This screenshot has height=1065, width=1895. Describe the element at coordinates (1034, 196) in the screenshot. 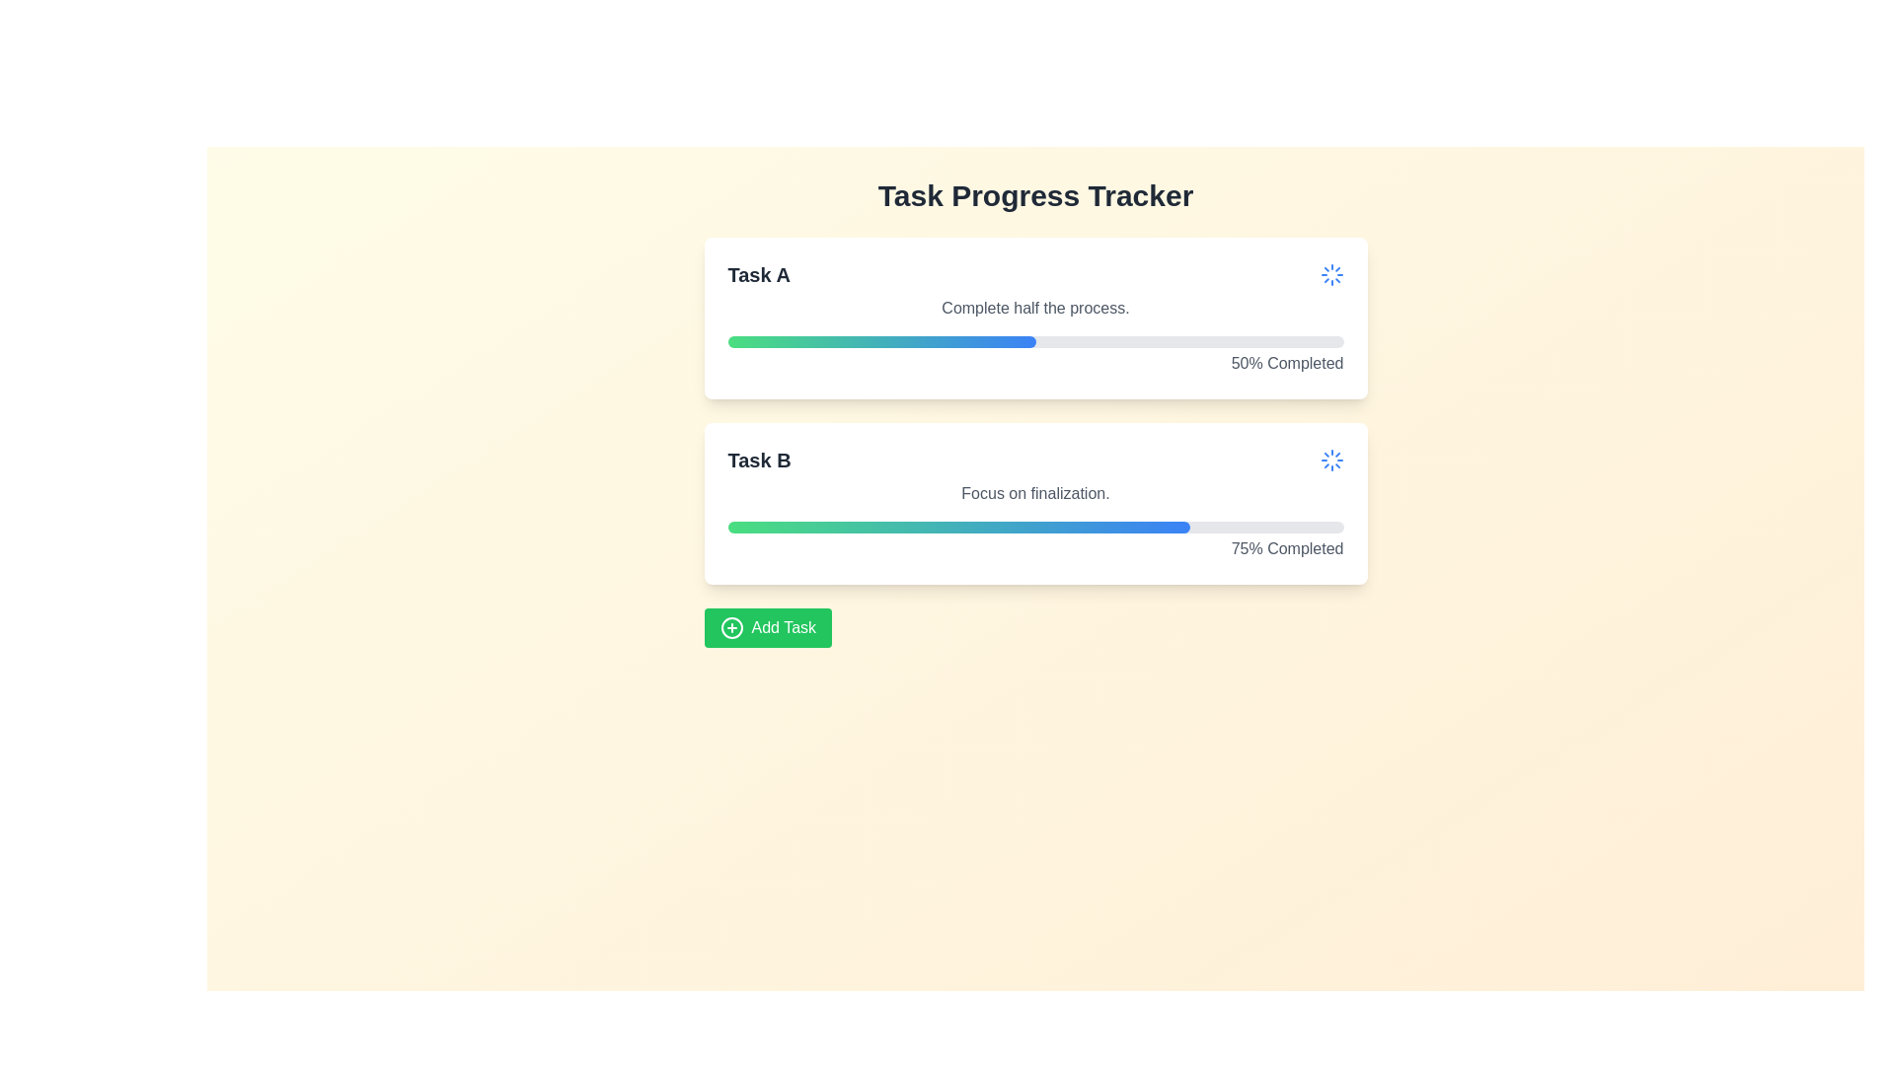

I see `the text heading 'Task Progress Tracker', which is styled with bold and large typography in dark gray color and is located at the top of the content area, centered horizontally` at that location.